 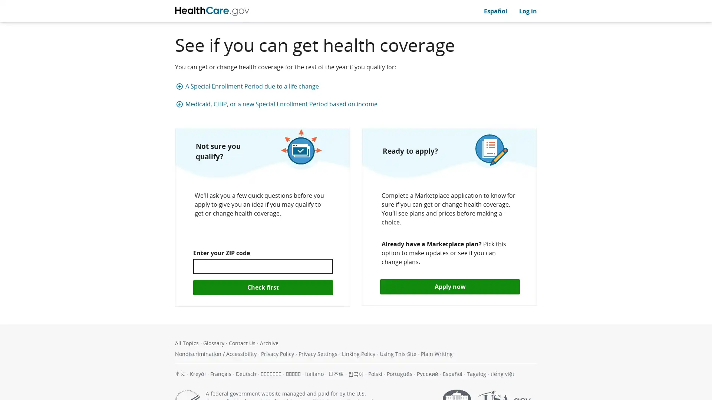 I want to click on A Special Enrollment Period due to a life change, so click(x=357, y=86).